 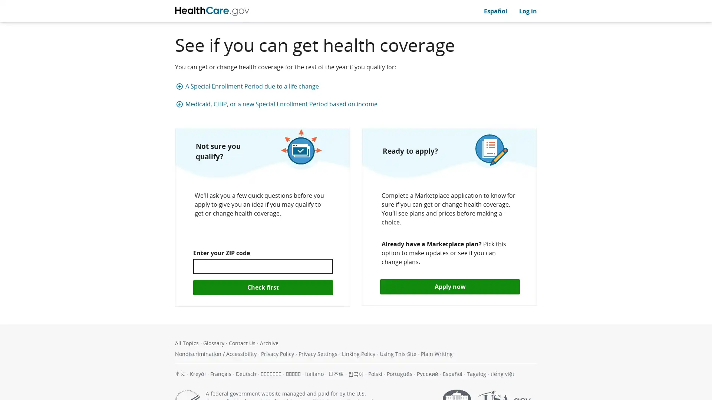 I want to click on A Special Enrollment Period due to a life change, so click(x=357, y=86).